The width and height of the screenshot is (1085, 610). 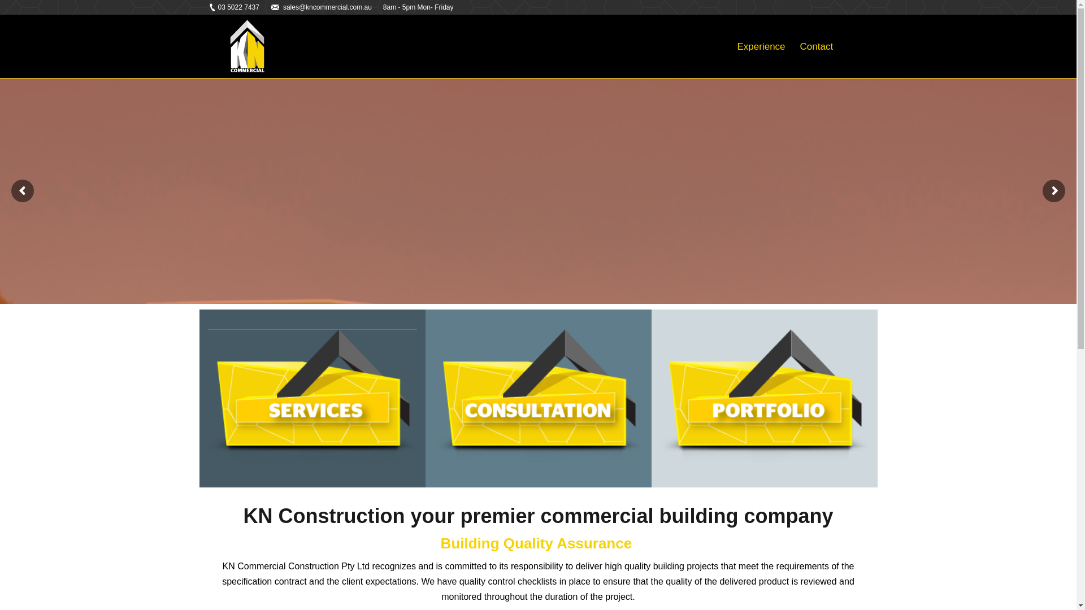 I want to click on 'Contact', so click(x=800, y=46).